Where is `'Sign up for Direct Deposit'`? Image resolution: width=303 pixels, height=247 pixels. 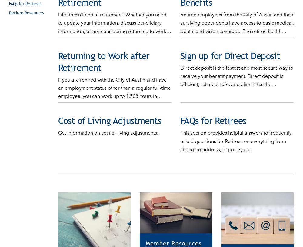
'Sign up for Direct Deposit' is located at coordinates (180, 49).